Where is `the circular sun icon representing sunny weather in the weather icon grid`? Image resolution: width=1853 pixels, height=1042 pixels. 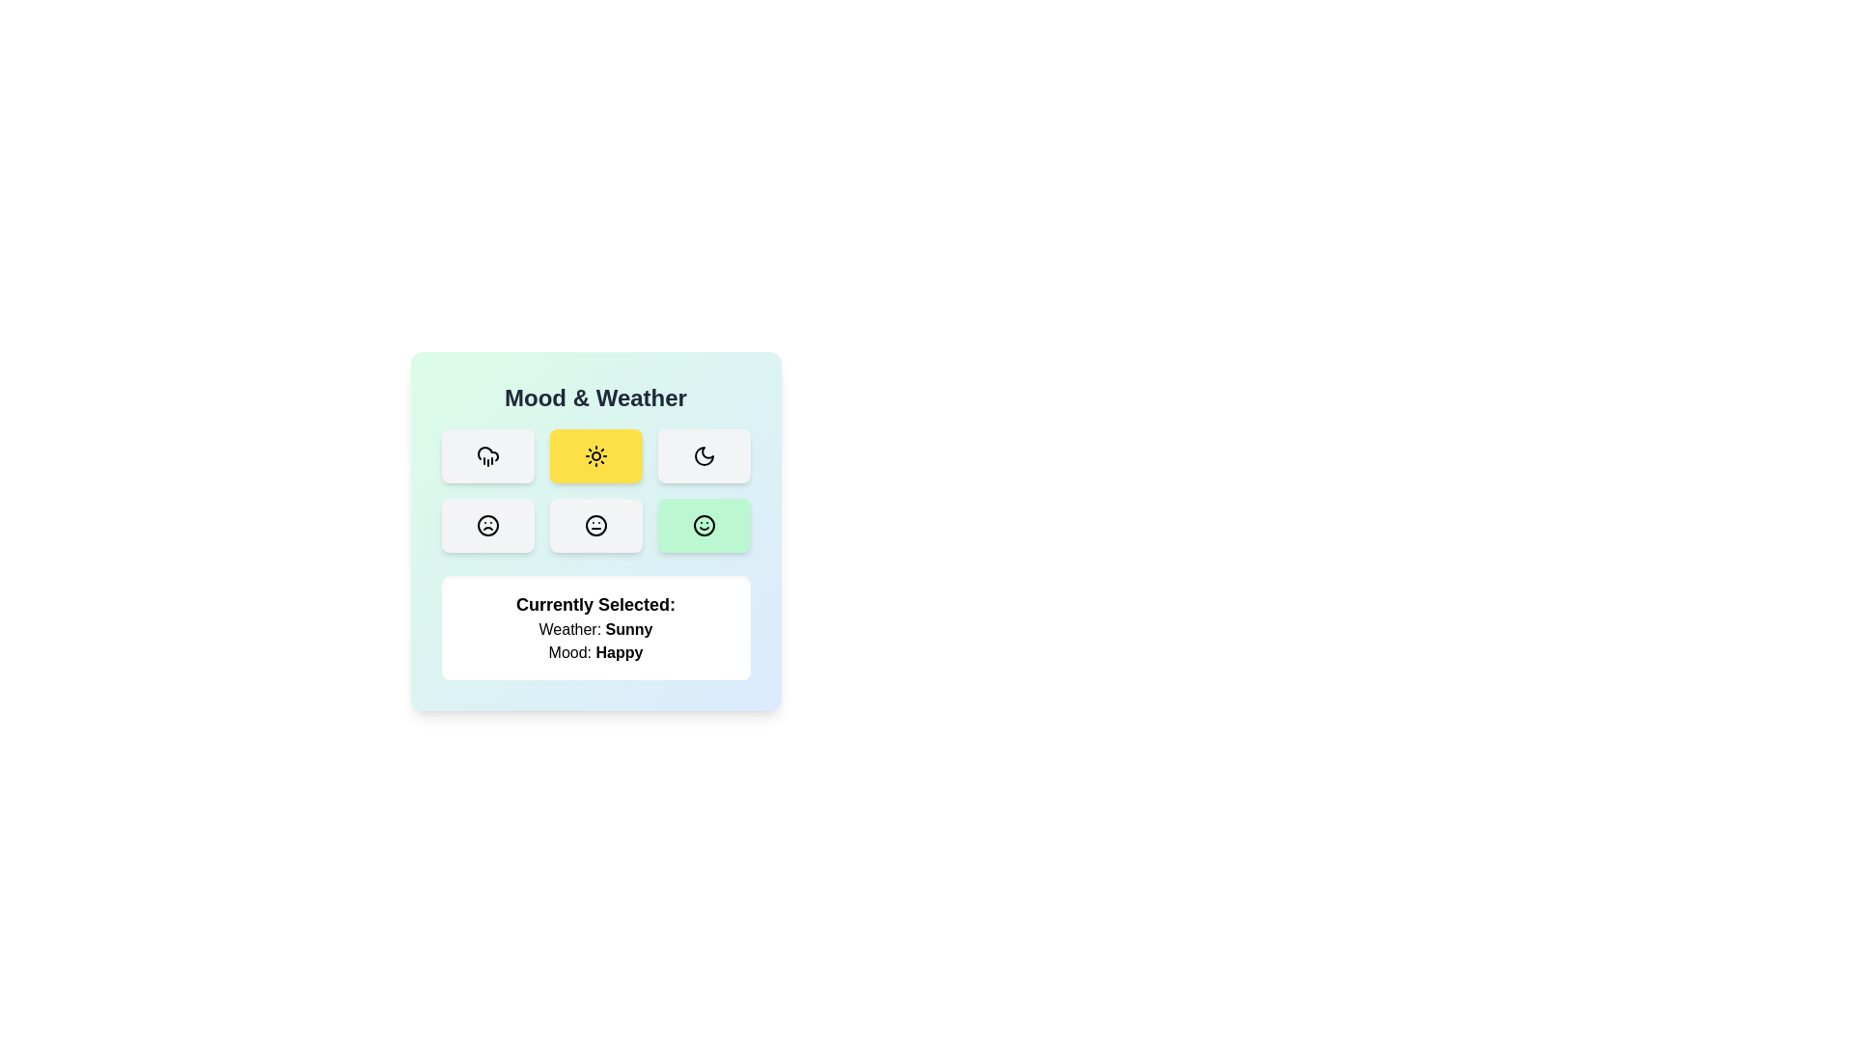 the circular sun icon representing sunny weather in the weather icon grid is located at coordinates (595, 456).